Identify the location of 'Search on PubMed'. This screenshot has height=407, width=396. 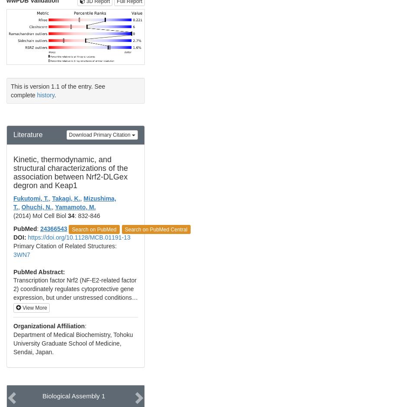
(93, 229).